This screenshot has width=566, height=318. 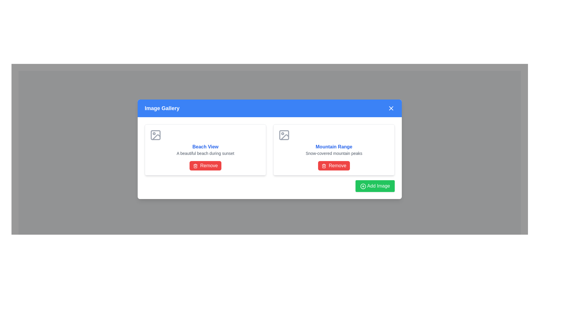 I want to click on the Title bar labeled 'Image Gallery', which is a rectangular blue bar at the top of the modal, so click(x=269, y=108).